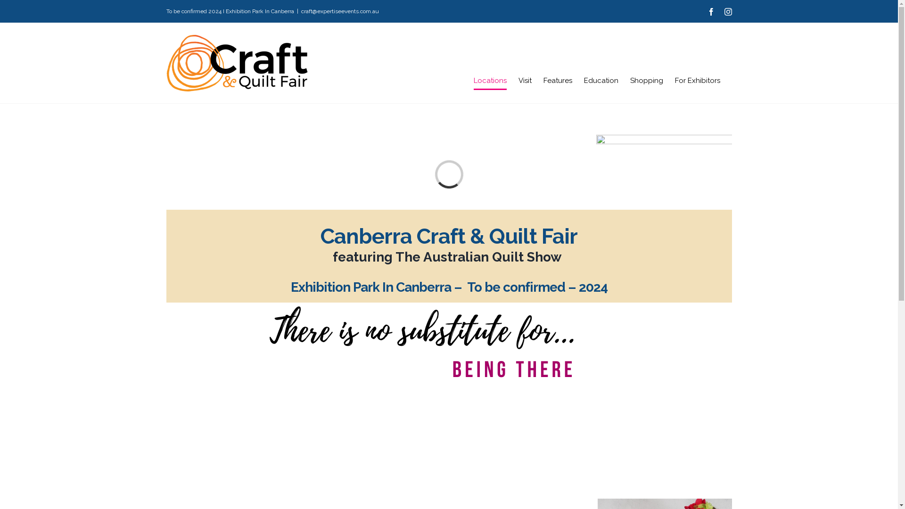  Describe the element at coordinates (557, 80) in the screenshot. I see `'Features'` at that location.